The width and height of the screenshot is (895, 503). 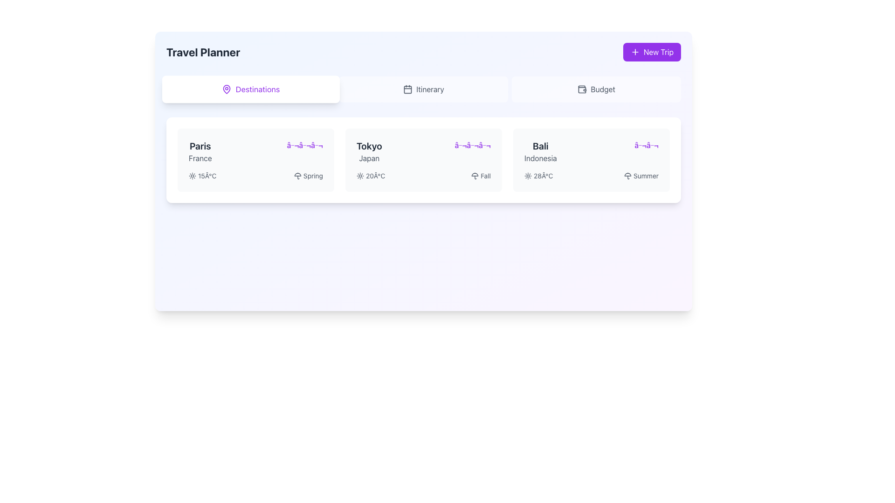 I want to click on the '+' icon located to the left of the 'New Trip' button in the top-right corner of the interface, so click(x=634, y=52).